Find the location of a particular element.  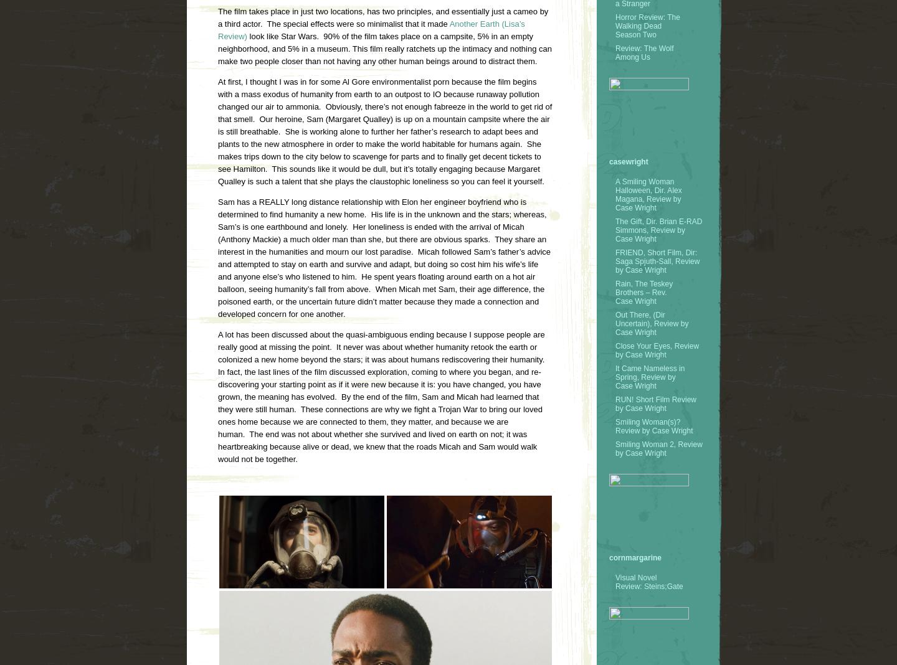

'FRIEND, Short Film, Dir: Saga Spjuth-Sall, Review by Case Wright' is located at coordinates (657, 260).